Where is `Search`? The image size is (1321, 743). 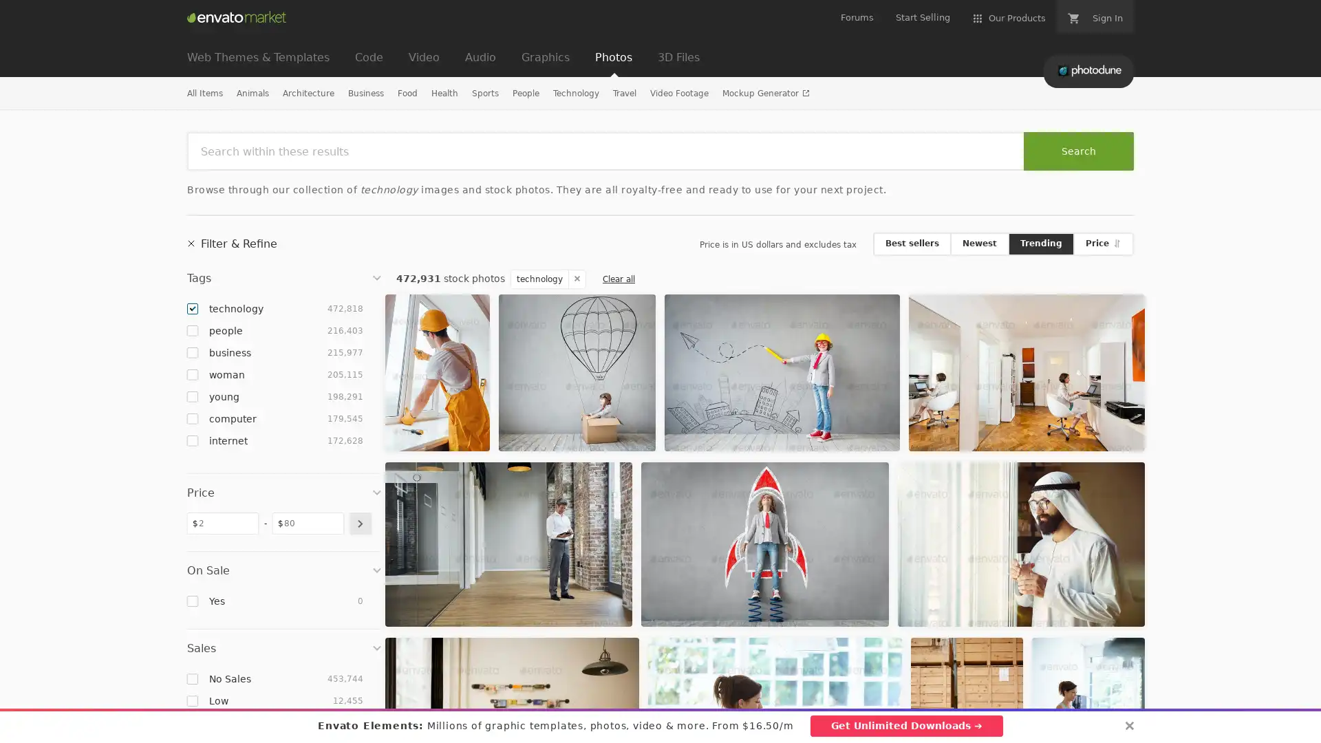
Search is located at coordinates (1078, 151).